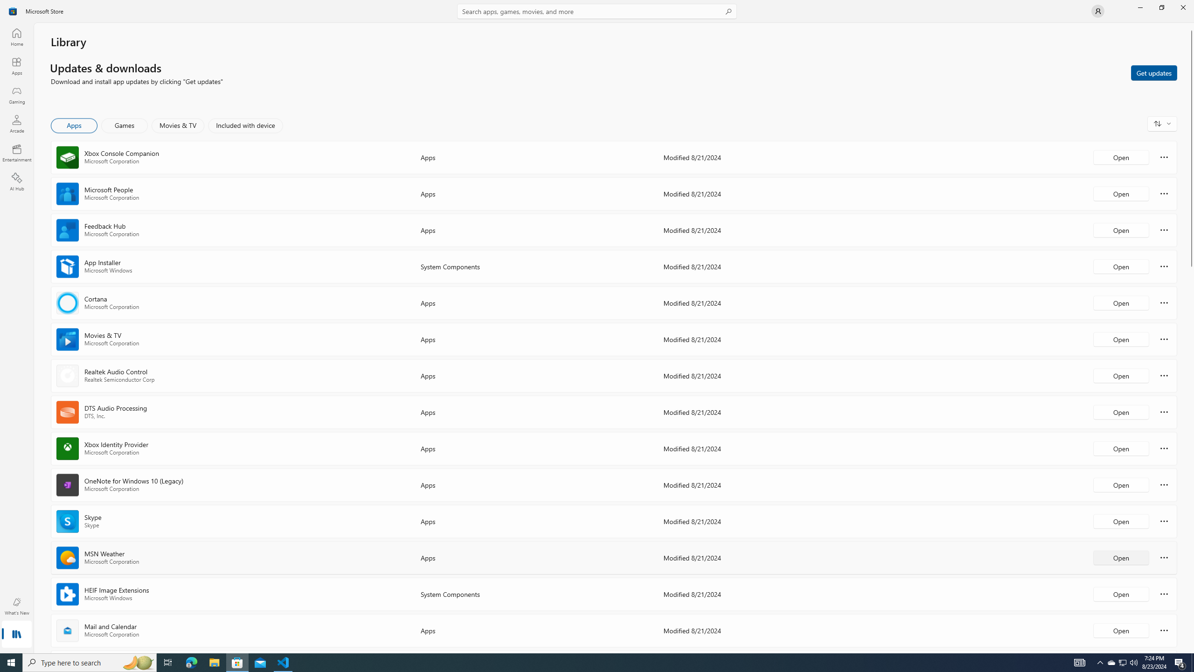 The image size is (1194, 672). I want to click on 'Close Microsoft Store', so click(1182, 7).